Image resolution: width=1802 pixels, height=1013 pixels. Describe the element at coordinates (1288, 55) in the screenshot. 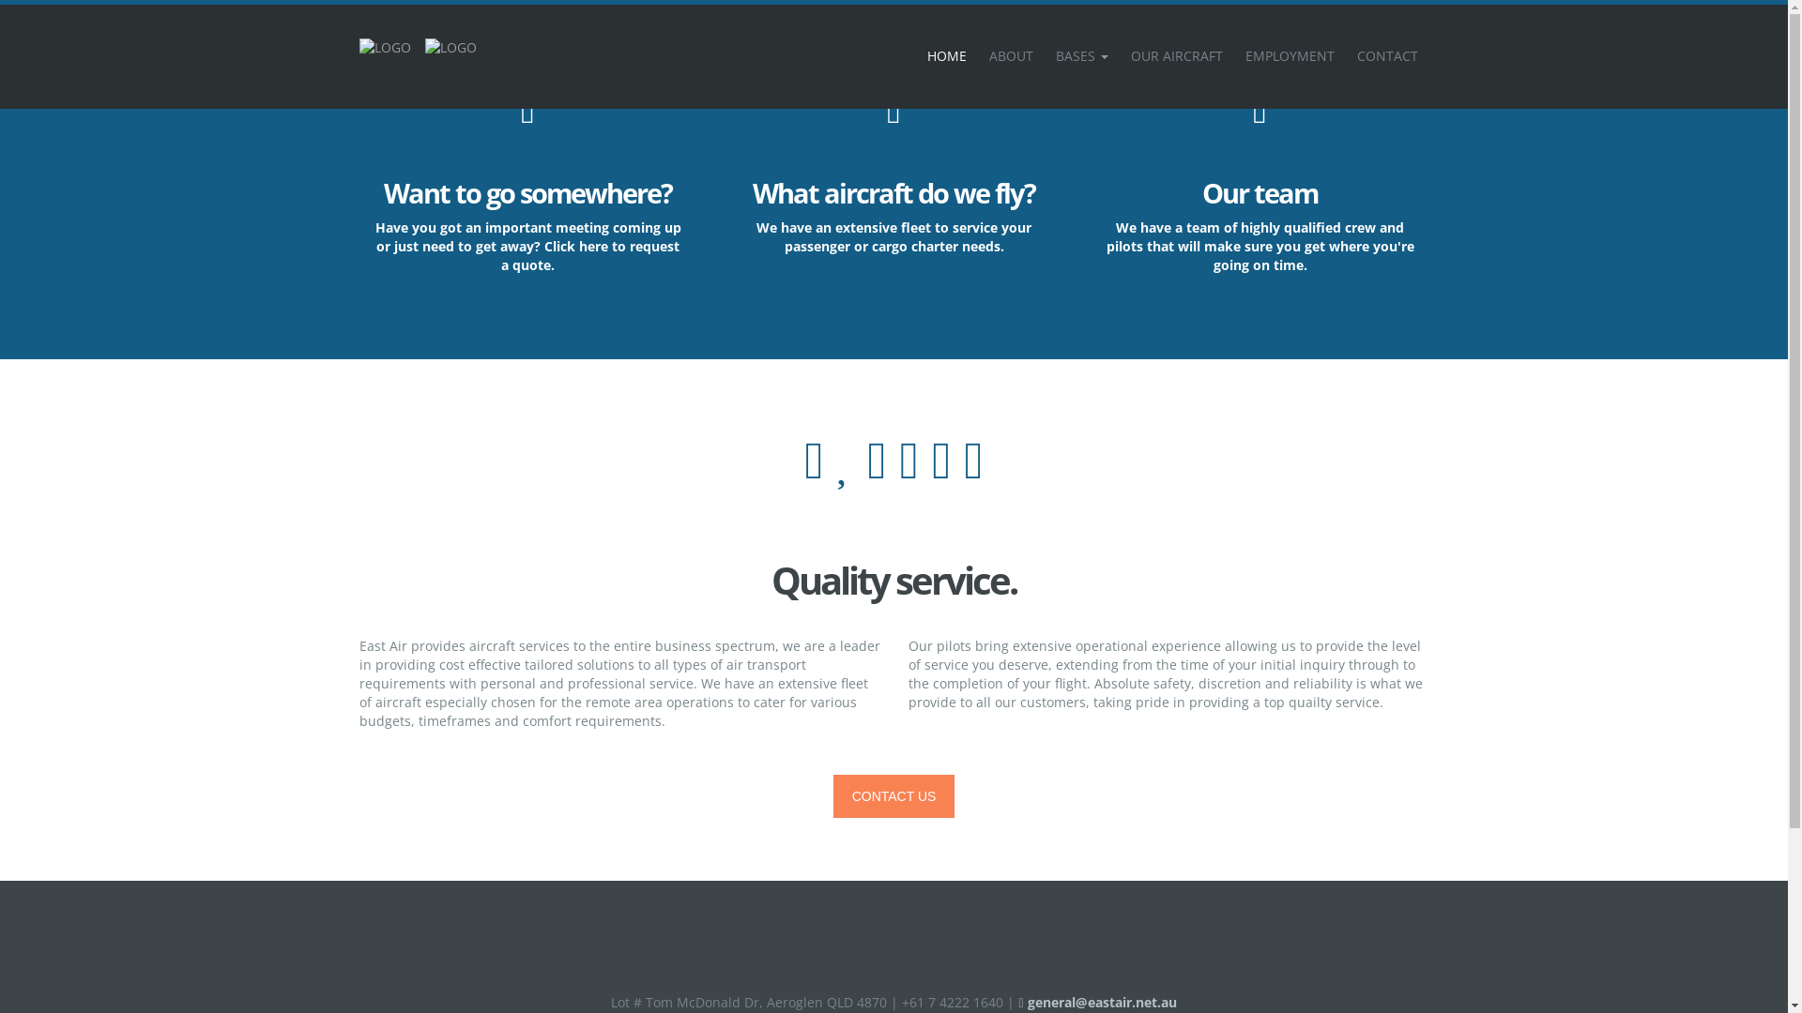

I see `'EMPLOYMENT'` at that location.